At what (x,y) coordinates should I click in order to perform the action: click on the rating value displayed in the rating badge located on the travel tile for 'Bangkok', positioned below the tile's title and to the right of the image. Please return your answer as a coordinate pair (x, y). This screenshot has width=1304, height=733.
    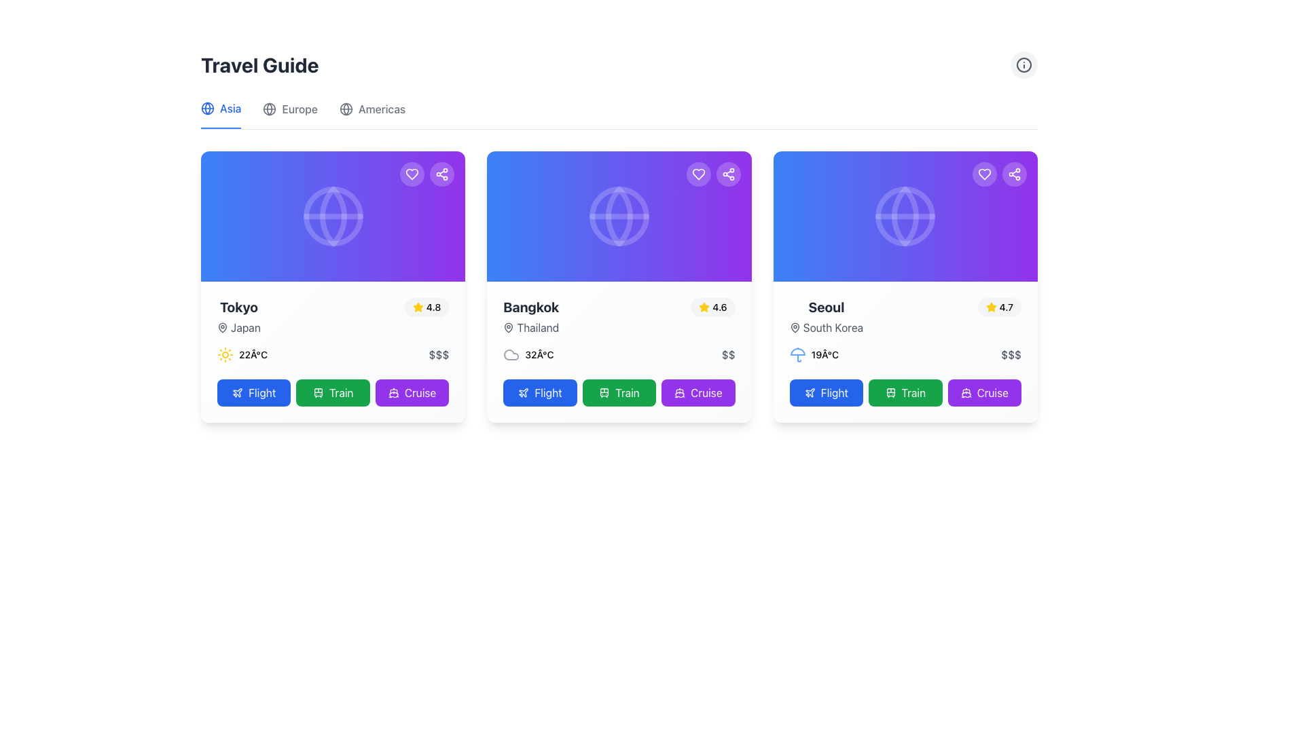
    Looking at the image, I should click on (712, 307).